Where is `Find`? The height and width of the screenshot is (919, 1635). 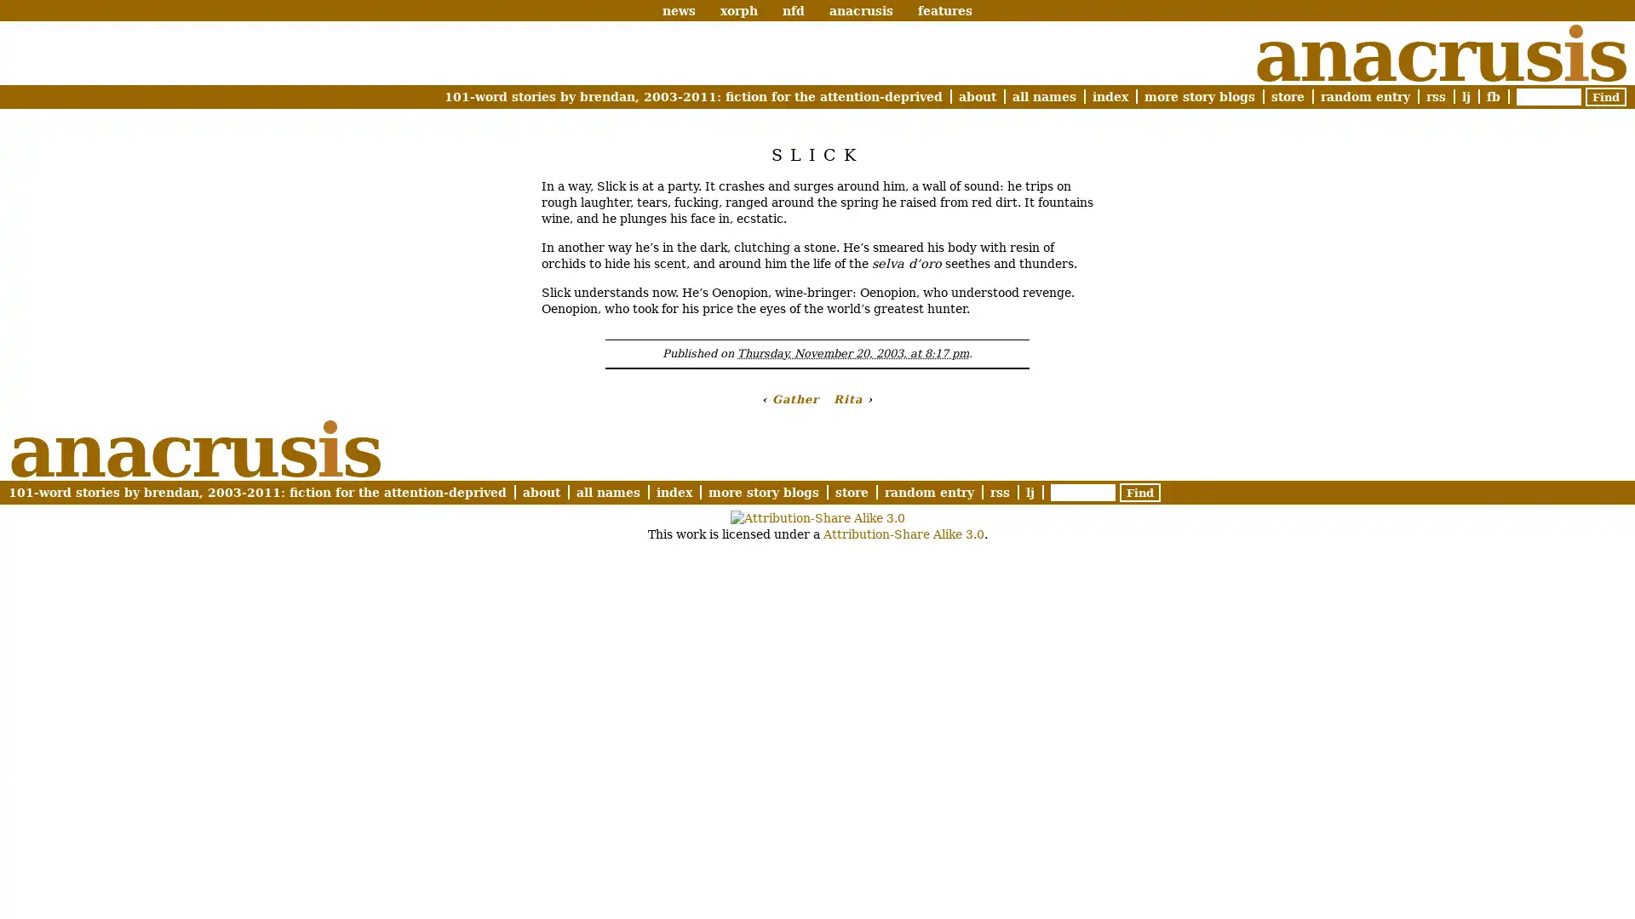
Find is located at coordinates (1140, 492).